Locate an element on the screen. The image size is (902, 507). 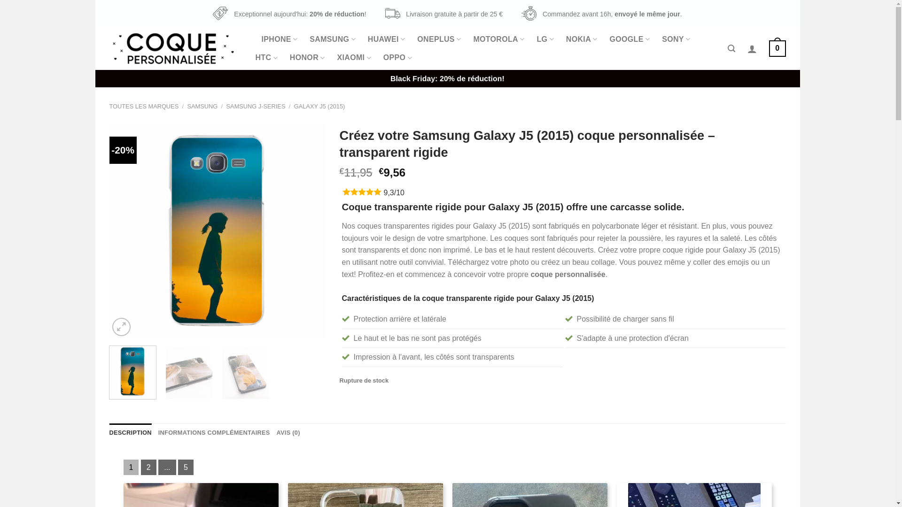
'SAMSUNG' is located at coordinates (309, 38).